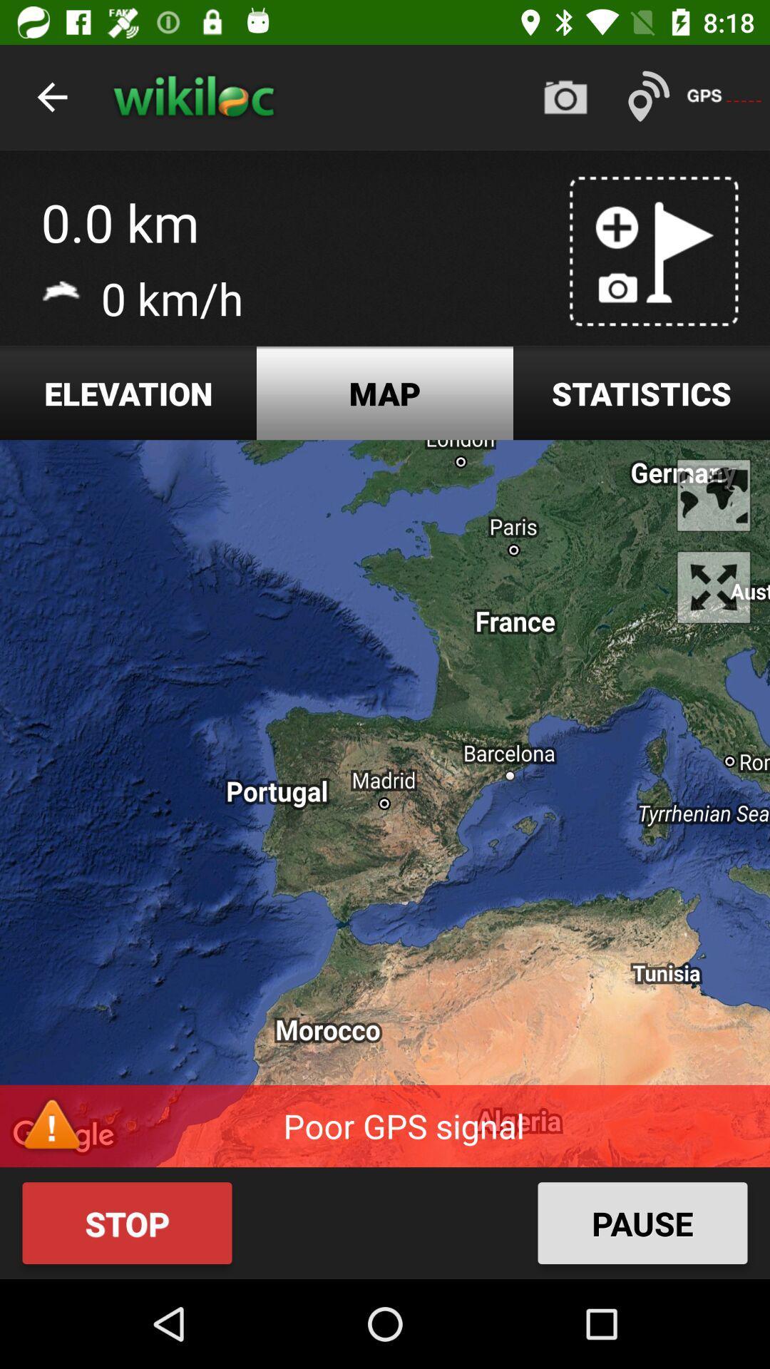 The width and height of the screenshot is (770, 1369). Describe the element at coordinates (642, 1222) in the screenshot. I see `the pause` at that location.